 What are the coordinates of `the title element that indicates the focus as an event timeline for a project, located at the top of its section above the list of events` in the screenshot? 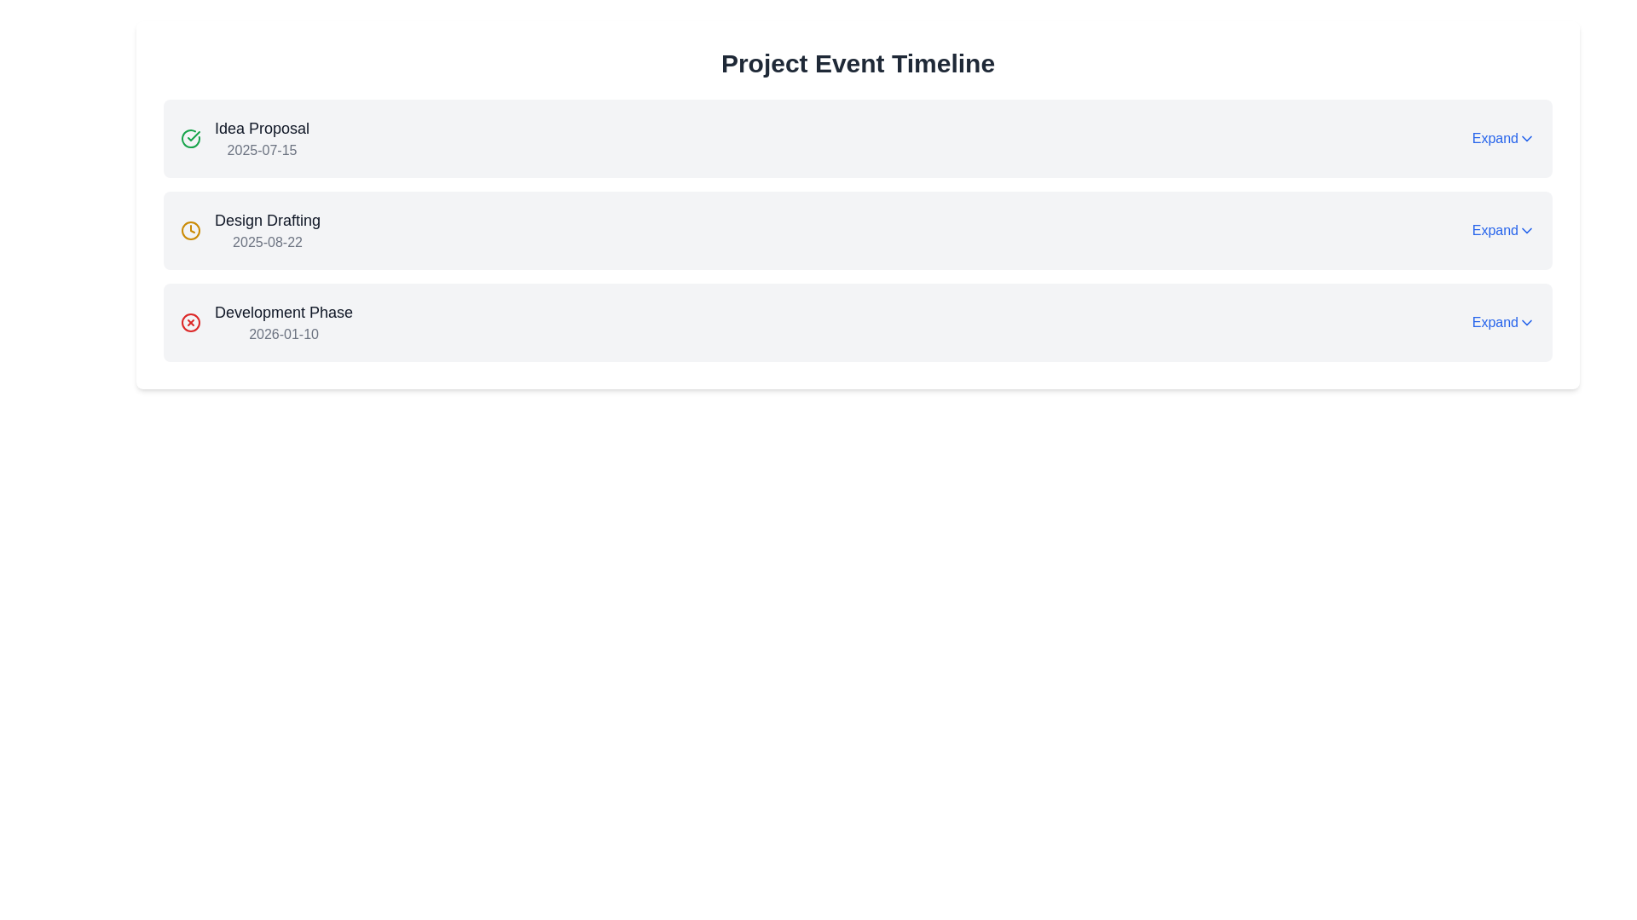 It's located at (858, 62).